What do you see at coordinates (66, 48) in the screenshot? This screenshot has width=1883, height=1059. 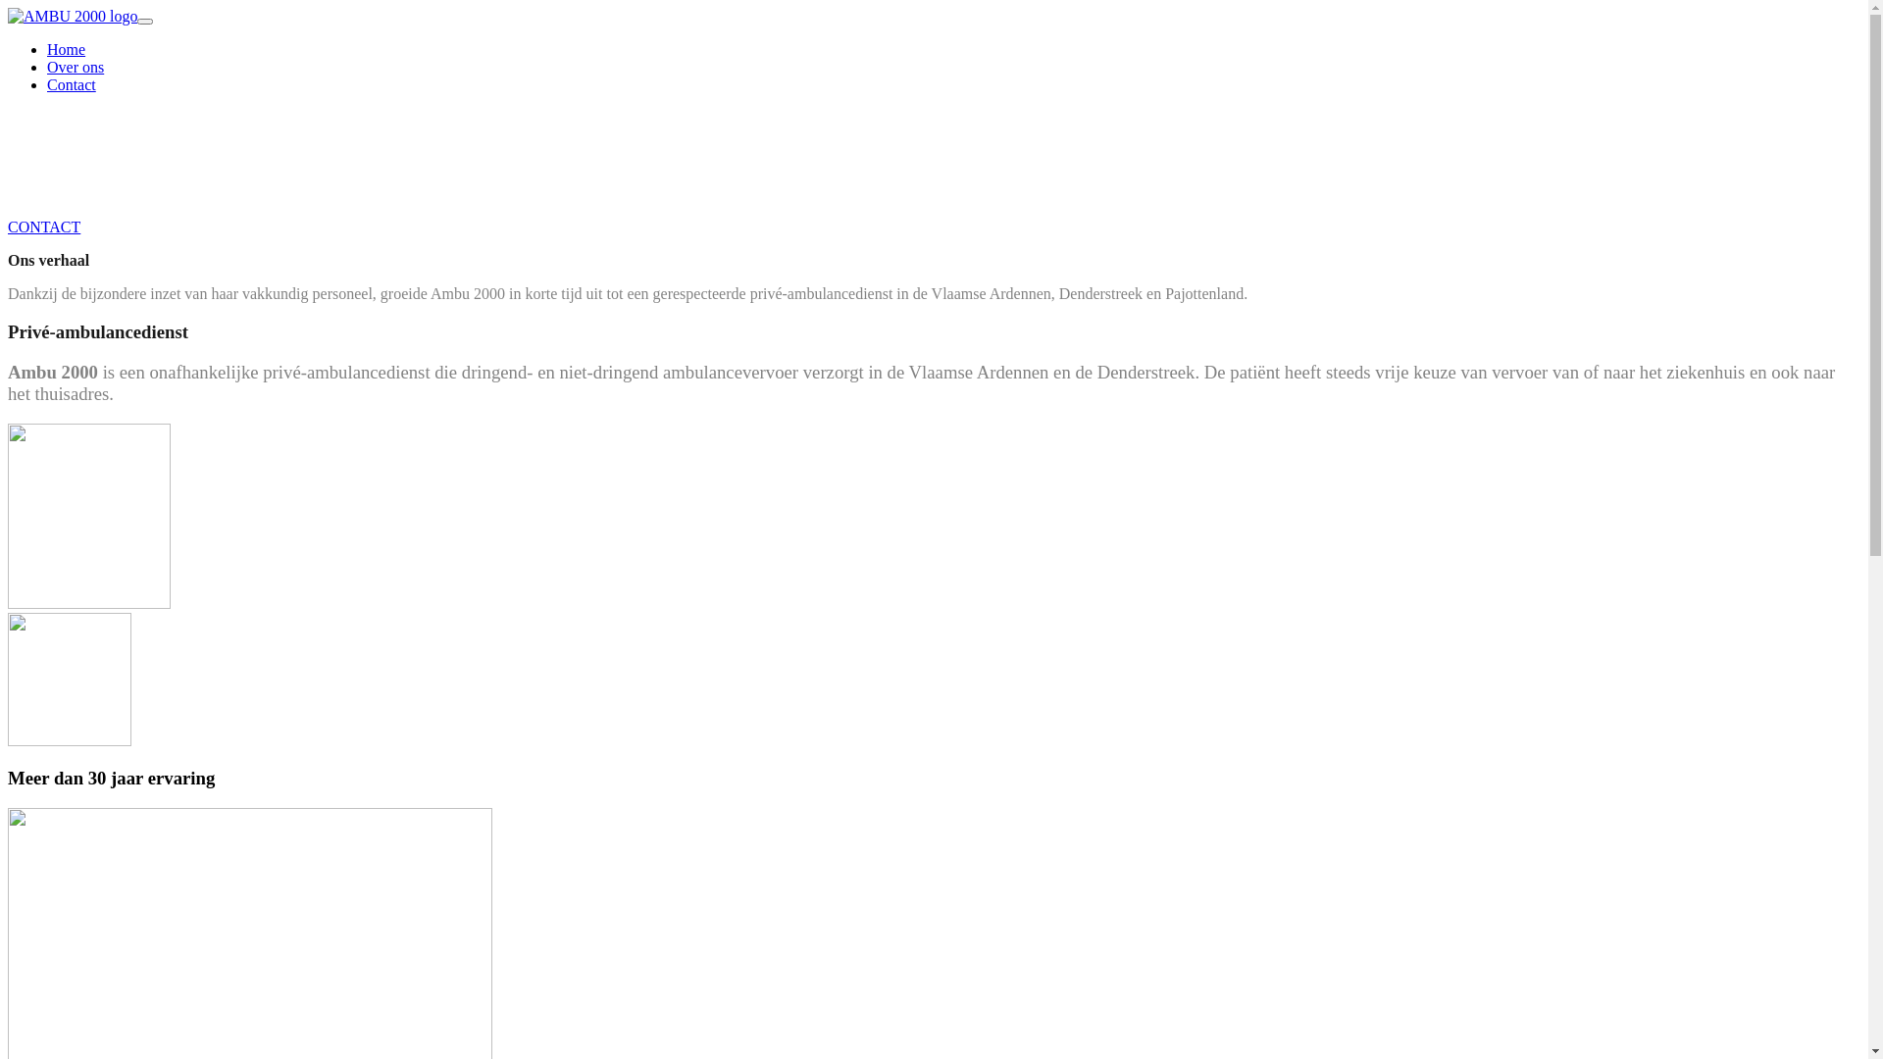 I see `'Home'` at bounding box center [66, 48].